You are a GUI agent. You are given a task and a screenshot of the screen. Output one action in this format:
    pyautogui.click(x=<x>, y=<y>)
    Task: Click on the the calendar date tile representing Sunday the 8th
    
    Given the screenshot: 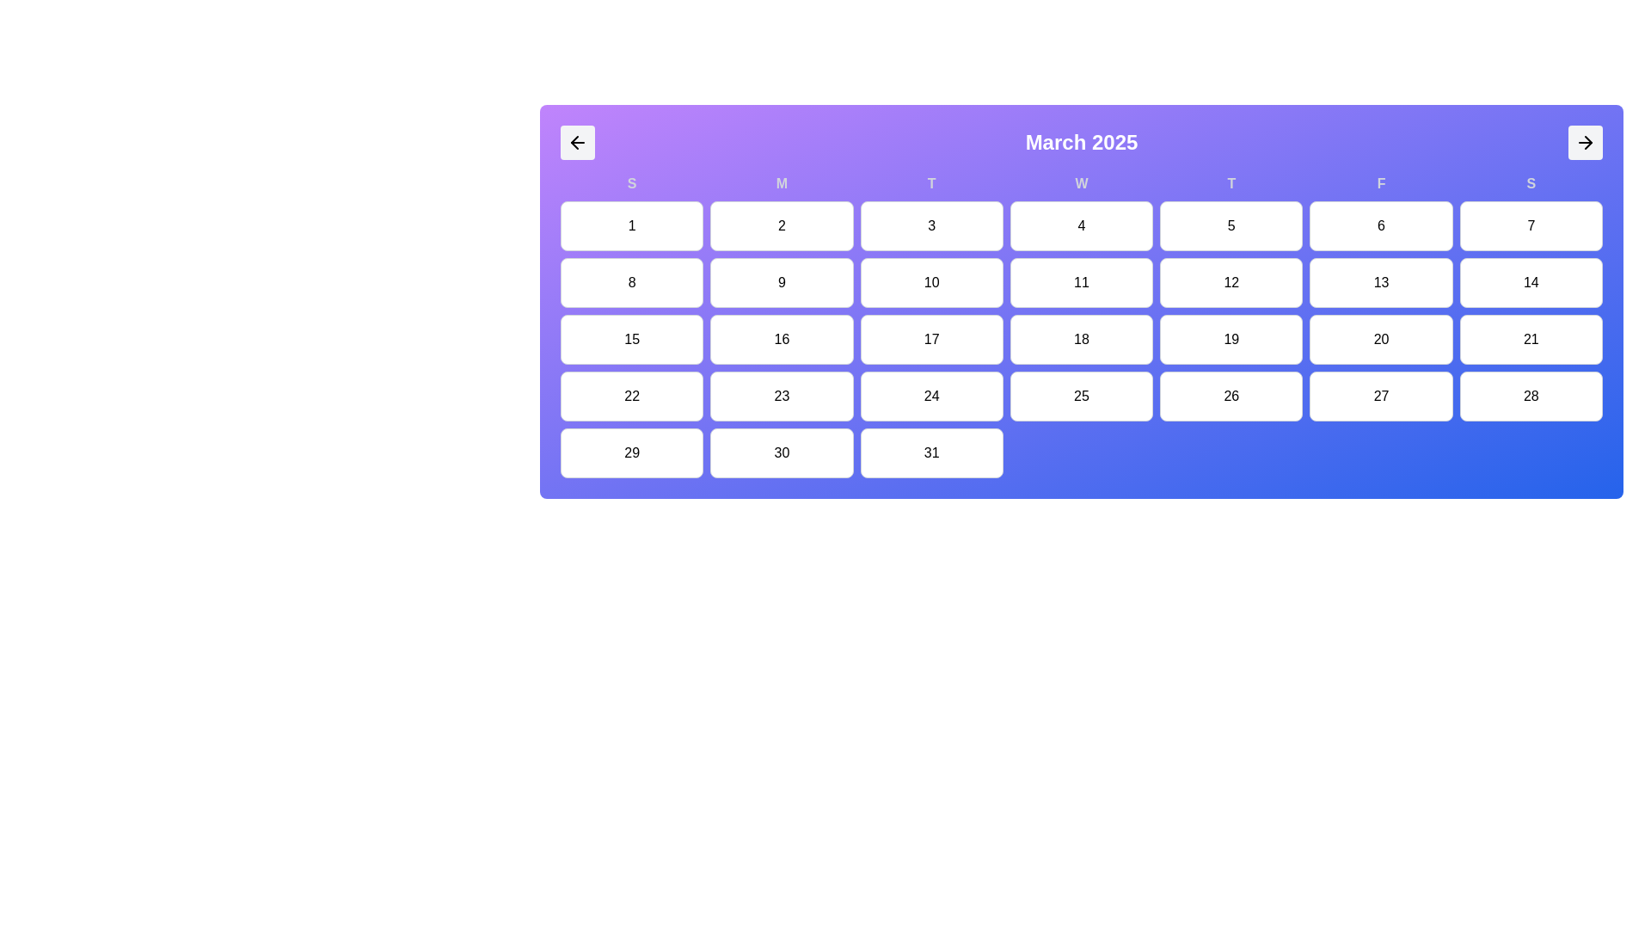 What is the action you would take?
    pyautogui.click(x=631, y=281)
    